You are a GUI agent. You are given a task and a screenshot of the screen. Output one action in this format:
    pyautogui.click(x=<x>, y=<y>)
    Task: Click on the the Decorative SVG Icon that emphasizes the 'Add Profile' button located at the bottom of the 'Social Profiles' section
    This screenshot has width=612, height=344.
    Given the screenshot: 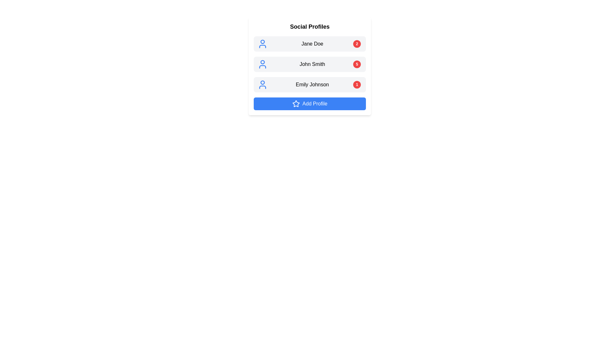 What is the action you would take?
    pyautogui.click(x=295, y=103)
    